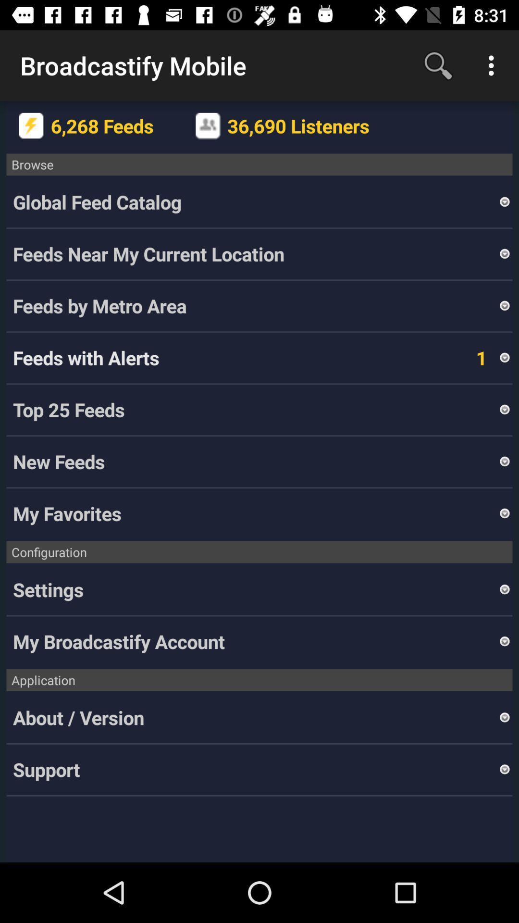  Describe the element at coordinates (504, 201) in the screenshot. I see `the icon above the feeds near my` at that location.